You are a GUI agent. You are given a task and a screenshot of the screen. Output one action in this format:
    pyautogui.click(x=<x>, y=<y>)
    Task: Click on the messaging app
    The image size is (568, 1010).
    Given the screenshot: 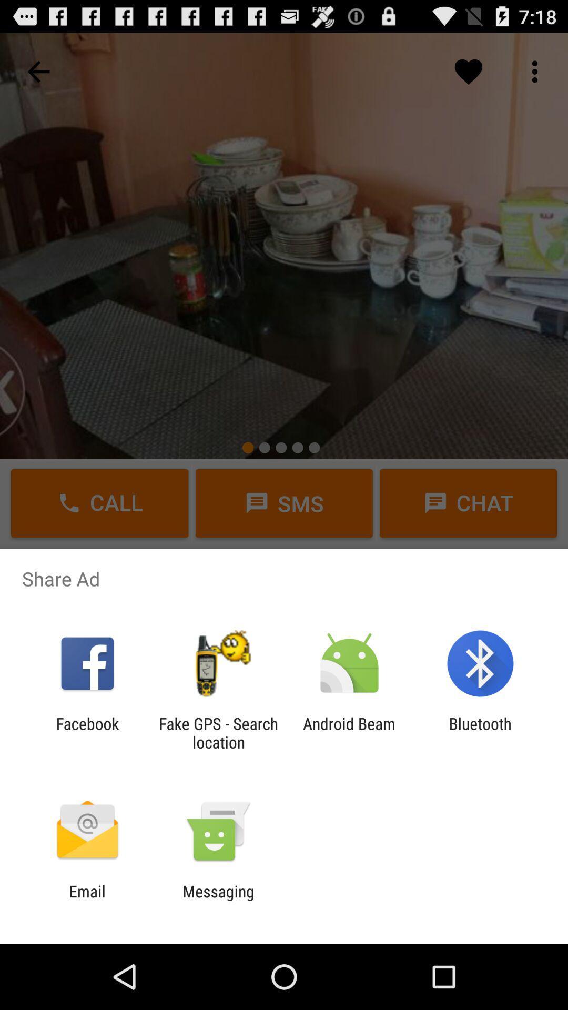 What is the action you would take?
    pyautogui.click(x=218, y=900)
    